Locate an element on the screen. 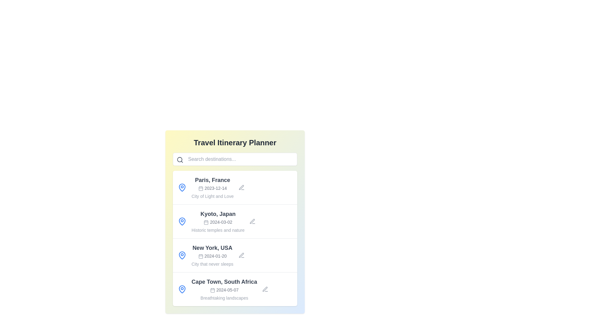 The image size is (597, 336). the second list item in the travel destinations list is located at coordinates (234, 221).